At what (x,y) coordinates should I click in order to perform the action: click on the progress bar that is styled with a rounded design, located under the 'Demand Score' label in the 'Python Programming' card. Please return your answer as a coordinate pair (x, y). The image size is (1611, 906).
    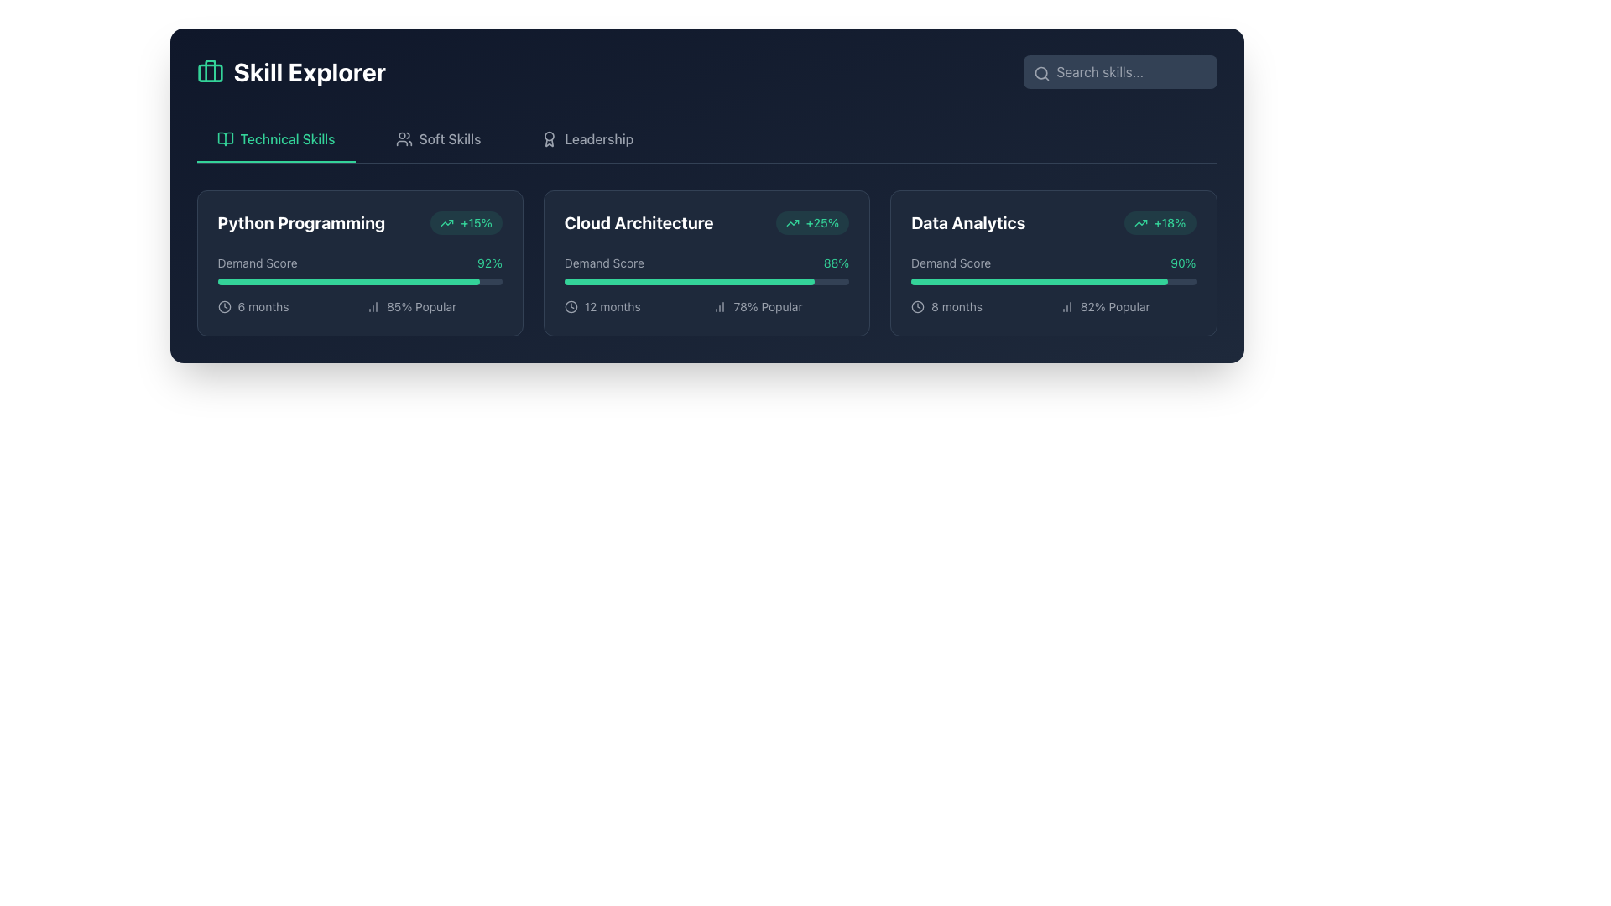
    Looking at the image, I should click on (359, 280).